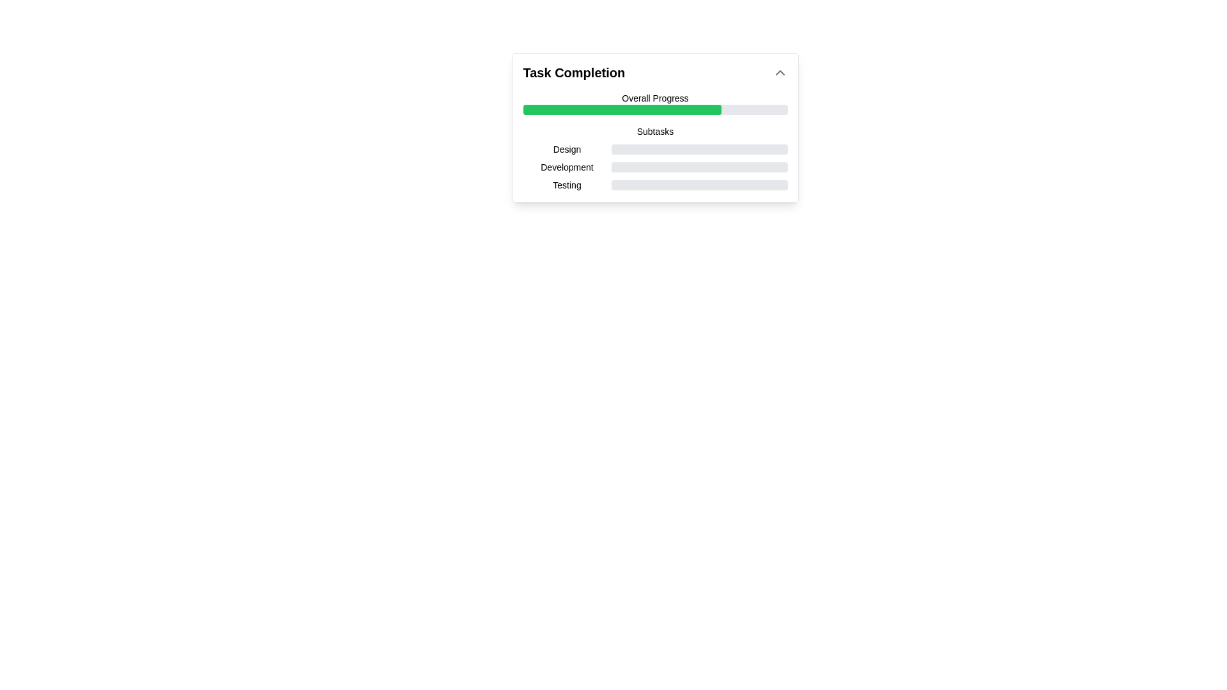 This screenshot has width=1227, height=690. I want to click on the text label 'Testing' on the Progress bar located in the Subtasks section, positioned beneath the Development subtask bar, so click(655, 185).